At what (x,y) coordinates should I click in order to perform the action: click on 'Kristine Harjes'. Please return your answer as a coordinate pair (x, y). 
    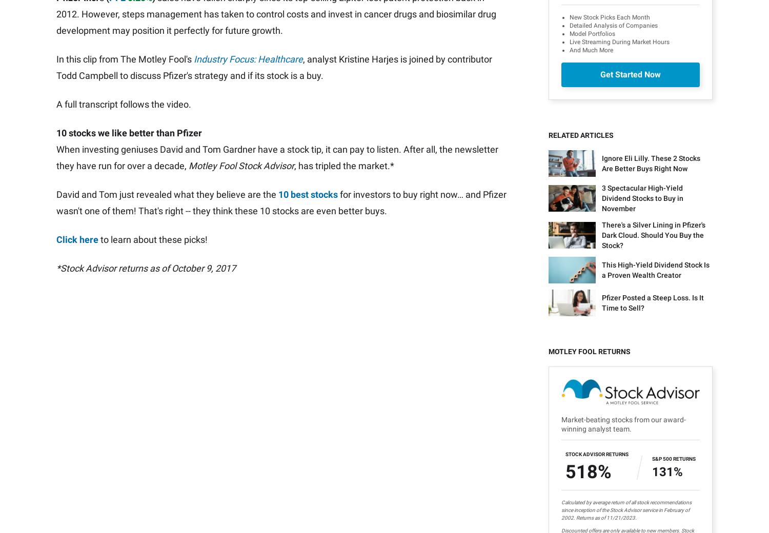
    Looking at the image, I should click on (76, 61).